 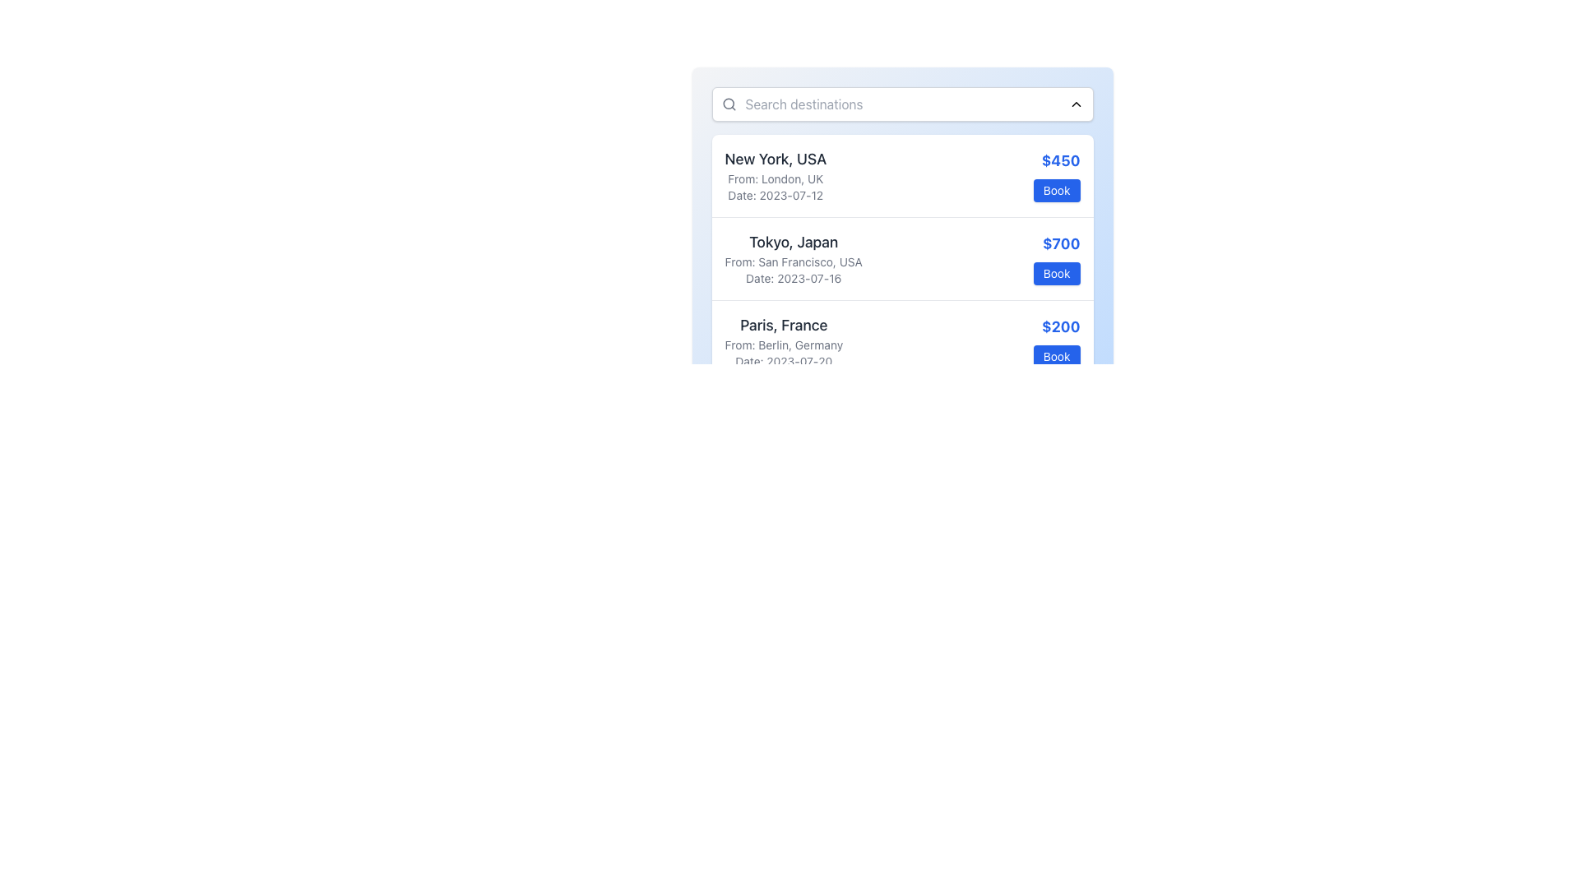 What do you see at coordinates (794, 259) in the screenshot?
I see `the Text Display Block that displays 'Tokyo, Japan', 'From: San Francisco, USA', and 'Date: 2023-07-16'` at bounding box center [794, 259].